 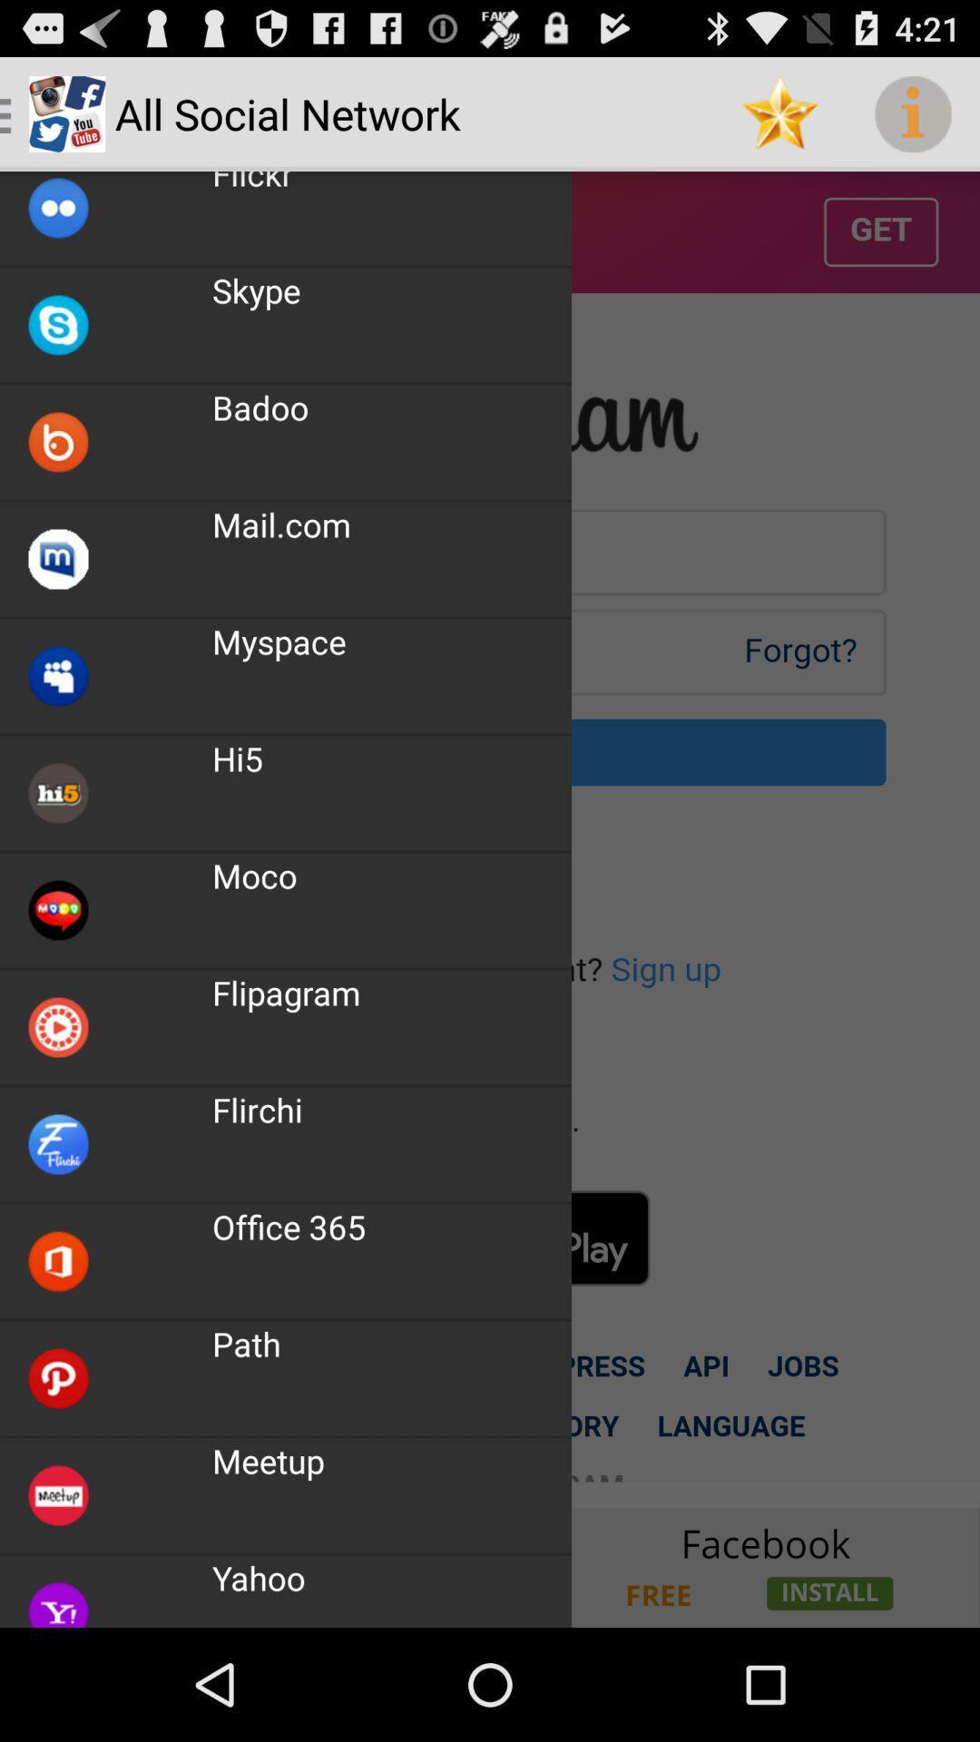 I want to click on the yahoo item, so click(x=259, y=1577).